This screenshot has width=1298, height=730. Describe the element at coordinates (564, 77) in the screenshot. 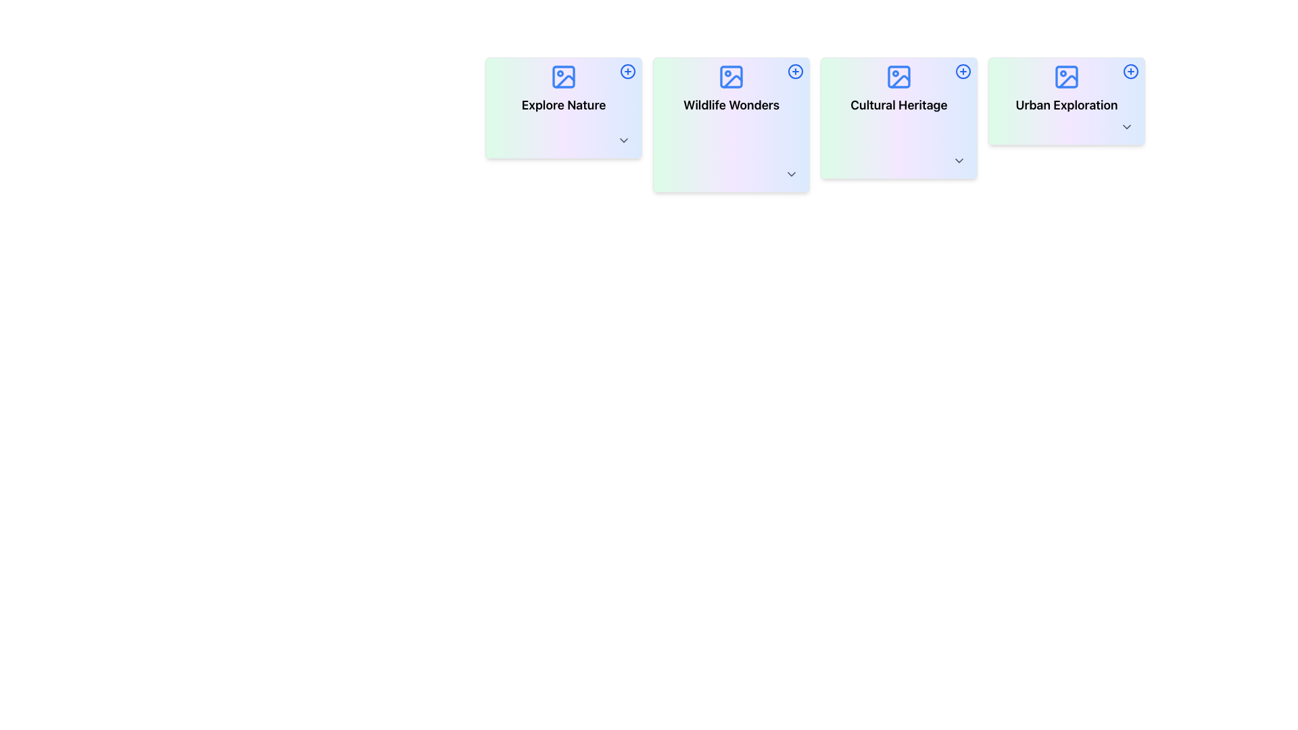

I see `the decorative icon inside the 'Explore Nature' card, positioned at the top center` at that location.